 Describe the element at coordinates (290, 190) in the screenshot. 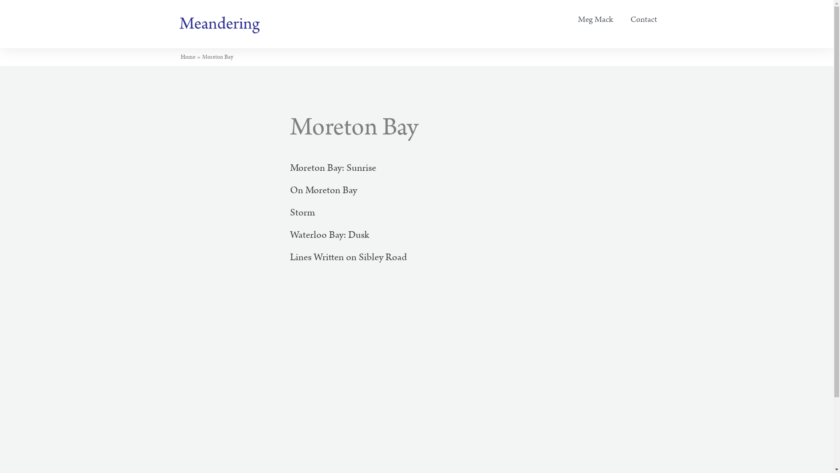

I see `'On Moreton Bay'` at that location.